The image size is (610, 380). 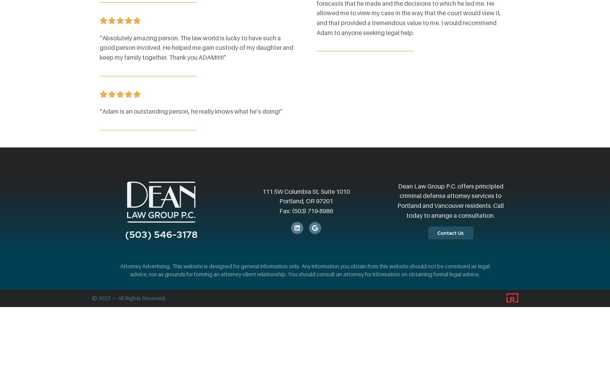 I want to click on '111 SW Columbia St, Suite 1010', so click(x=306, y=191).